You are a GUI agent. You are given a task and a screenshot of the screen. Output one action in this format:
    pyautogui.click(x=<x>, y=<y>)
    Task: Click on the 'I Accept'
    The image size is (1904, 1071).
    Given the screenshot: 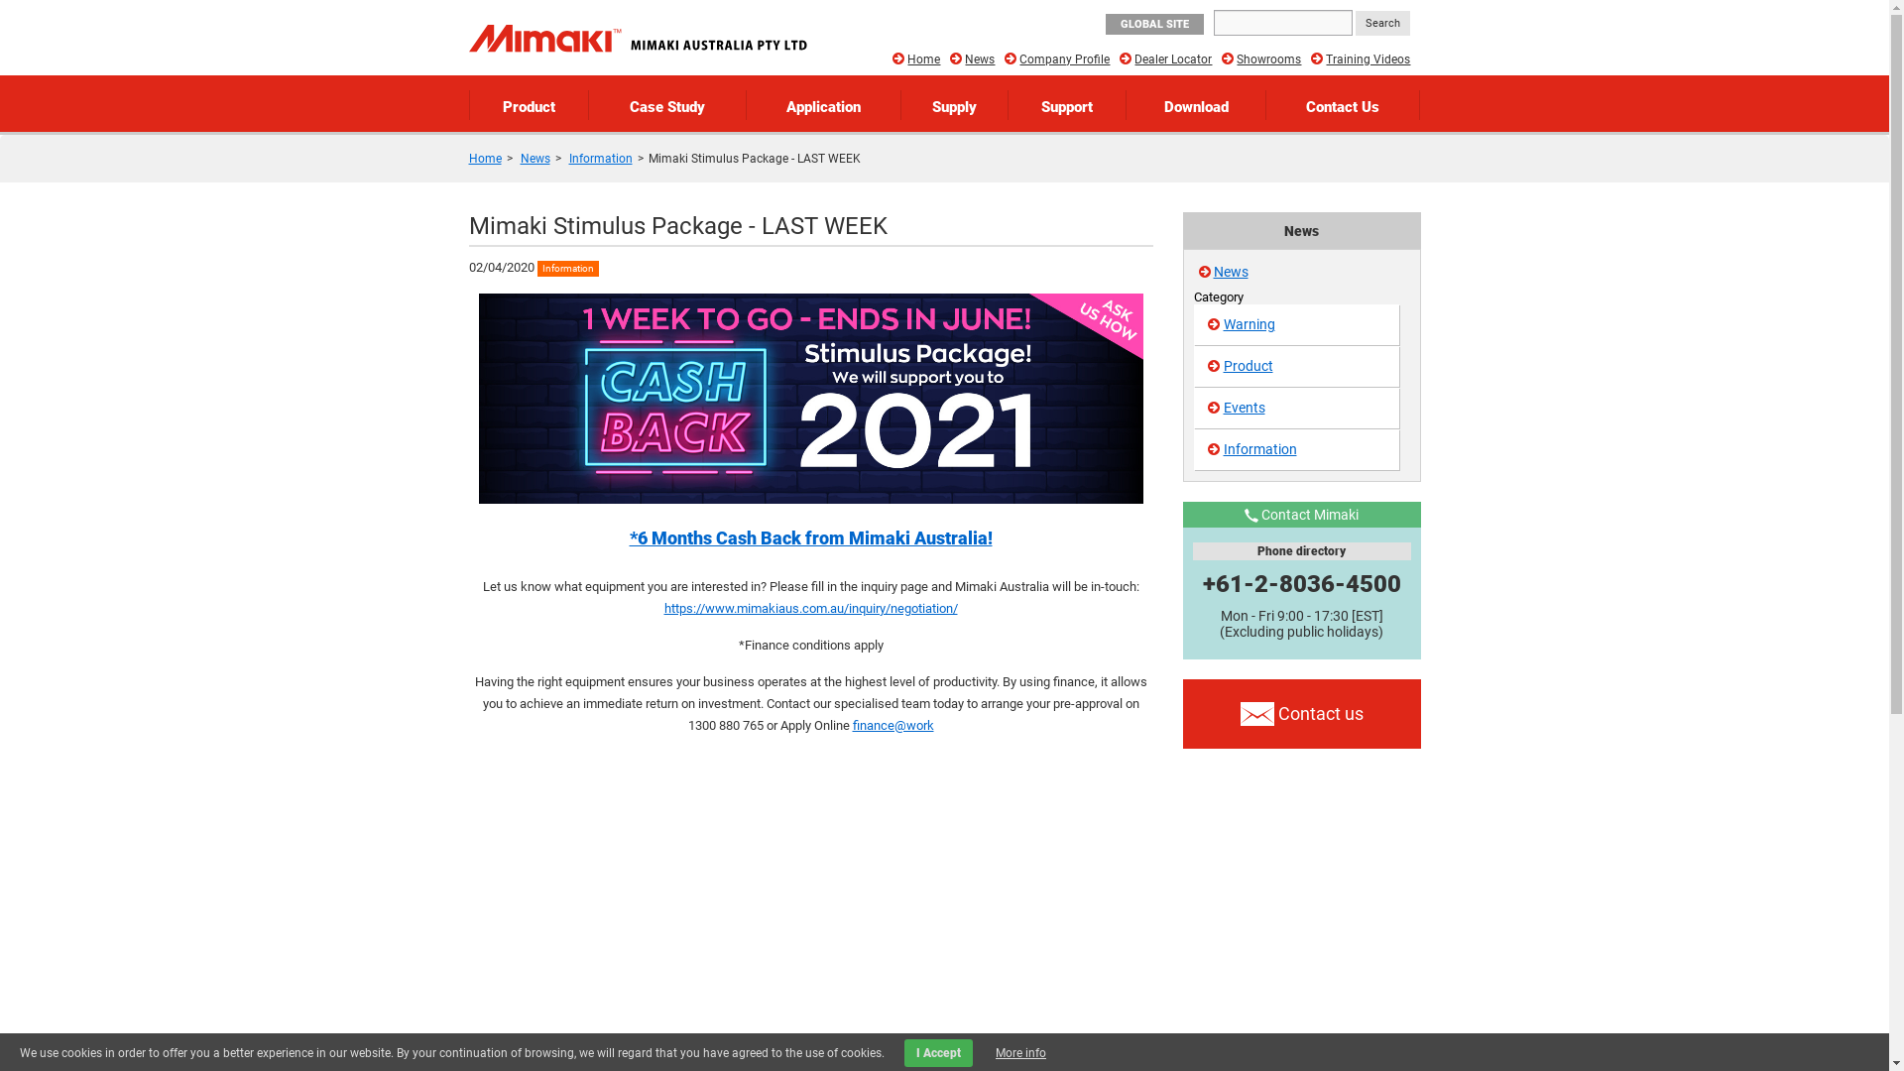 What is the action you would take?
    pyautogui.click(x=903, y=1051)
    